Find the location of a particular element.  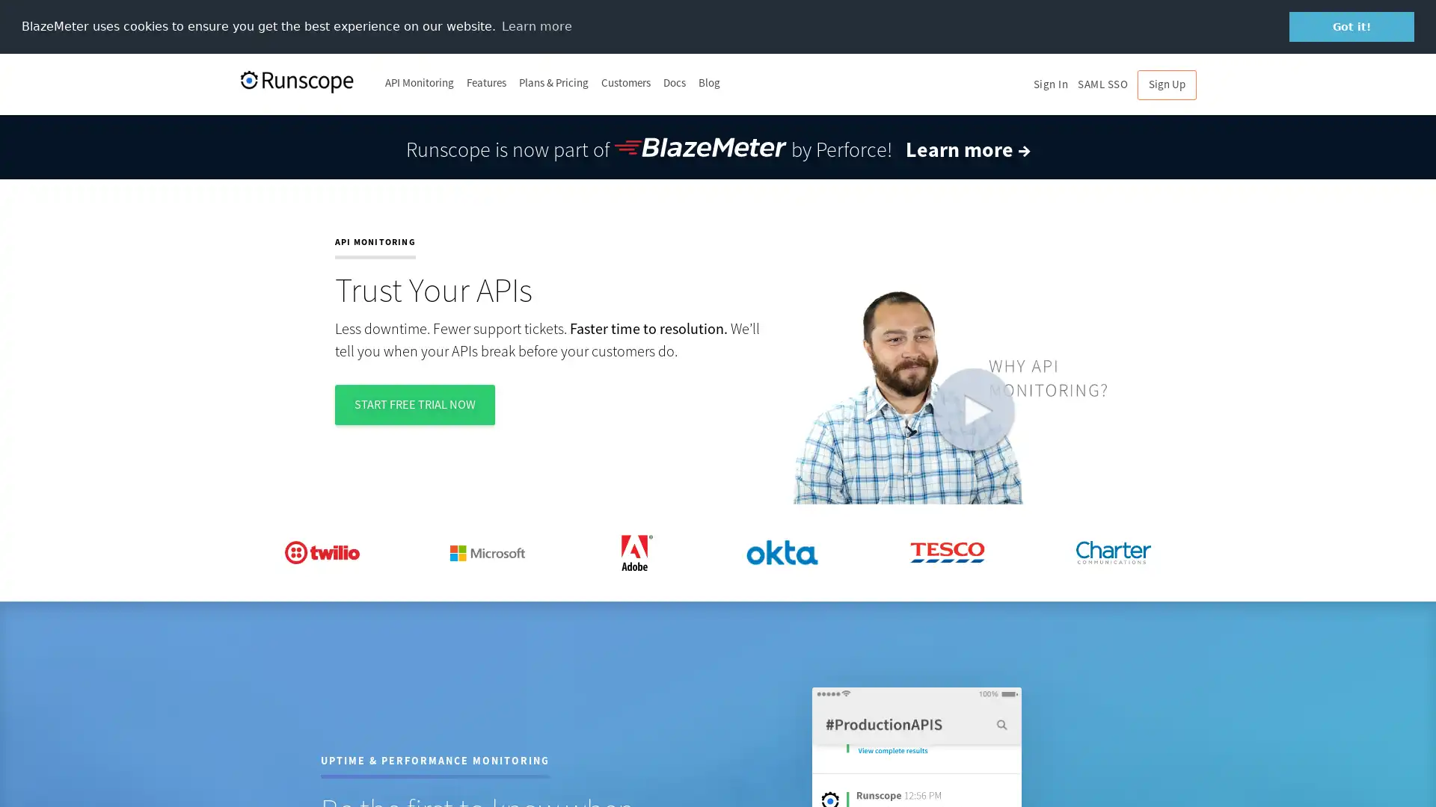

dismiss cookie message is located at coordinates (1351, 26).